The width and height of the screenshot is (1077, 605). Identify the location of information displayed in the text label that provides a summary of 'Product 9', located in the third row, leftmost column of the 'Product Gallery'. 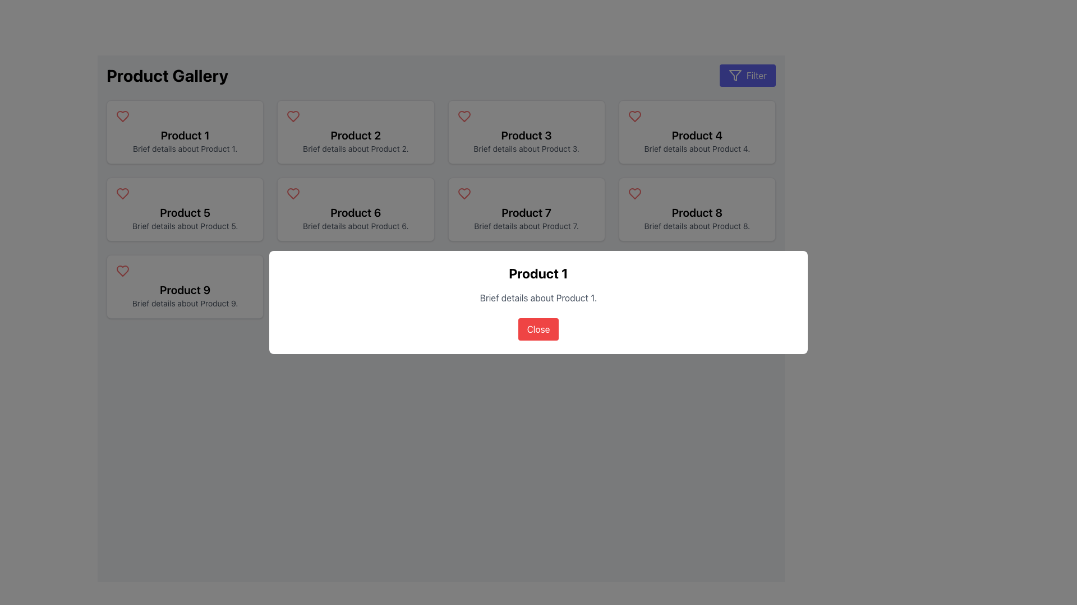
(185, 304).